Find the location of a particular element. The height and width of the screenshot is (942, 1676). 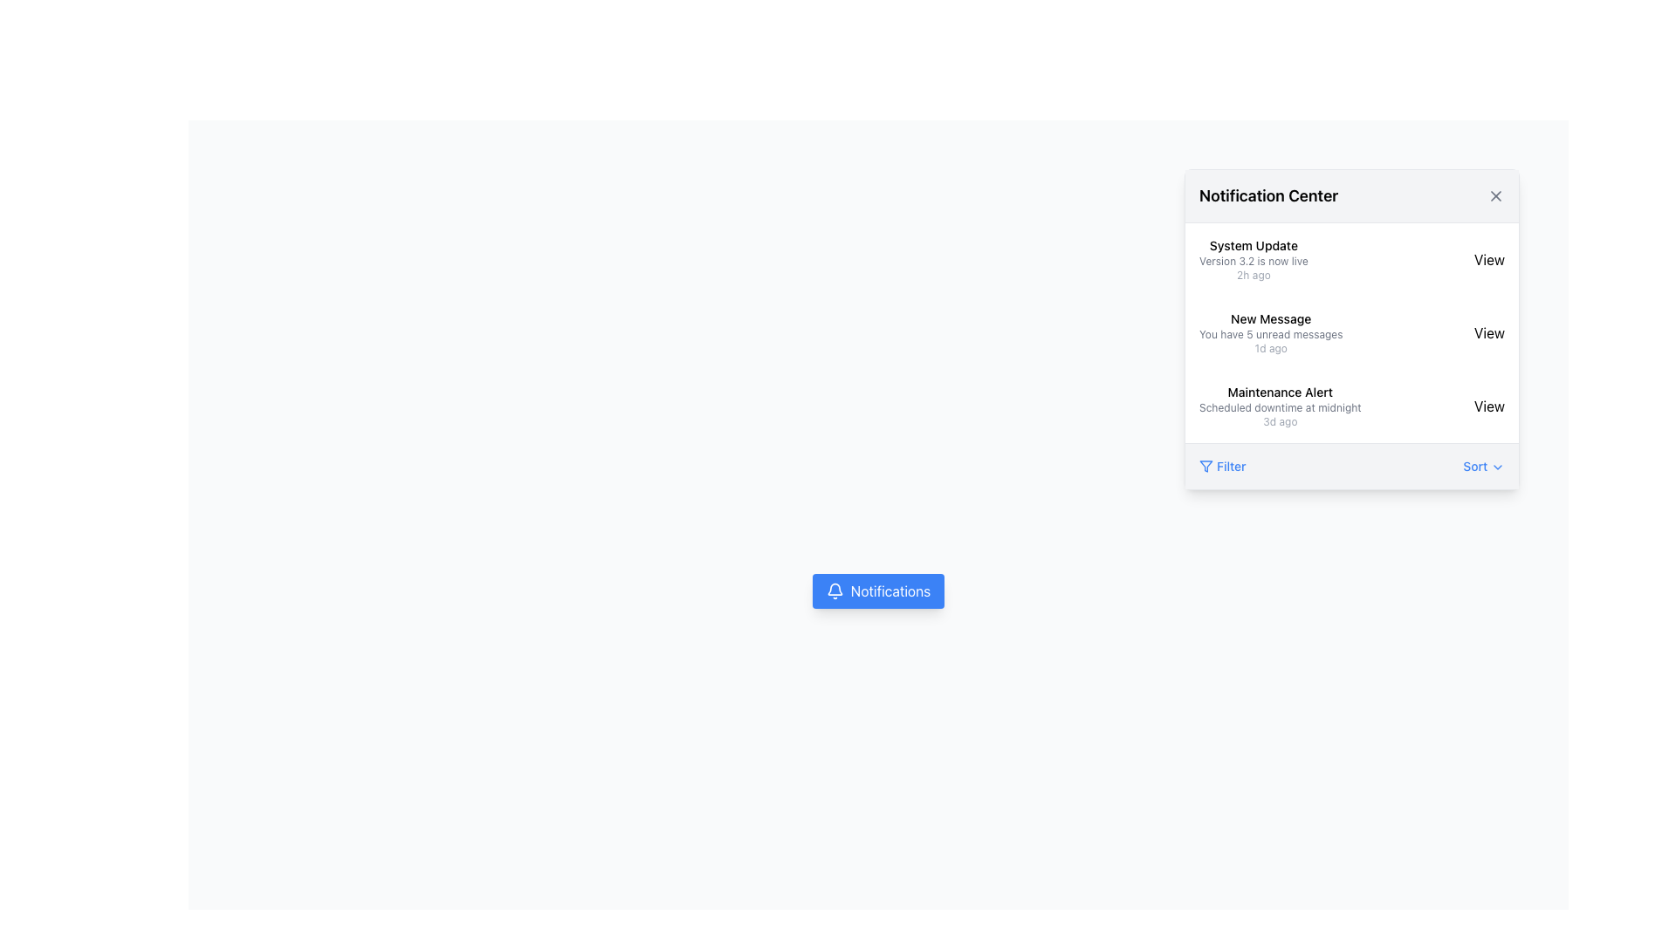

the third notification entry in the 'Notification Center' panel, which indicates a maintenance alert about scheduled downtime is located at coordinates (1351, 406).